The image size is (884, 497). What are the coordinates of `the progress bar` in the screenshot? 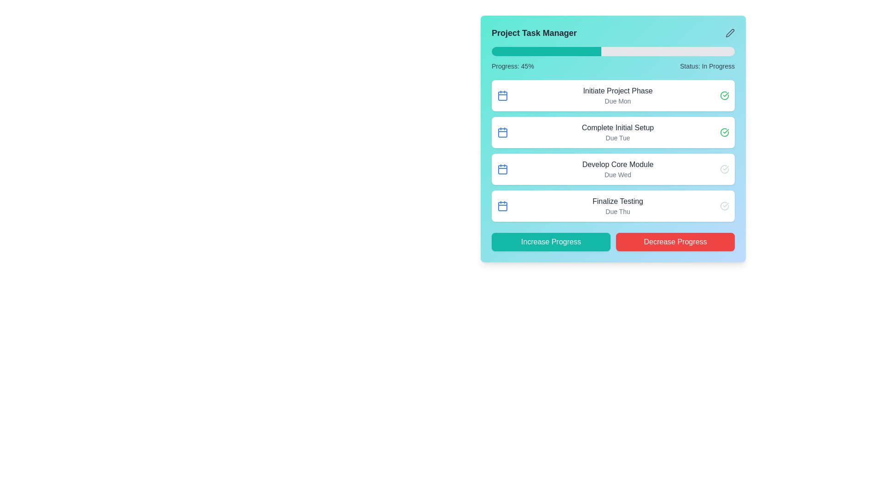 It's located at (516, 51).